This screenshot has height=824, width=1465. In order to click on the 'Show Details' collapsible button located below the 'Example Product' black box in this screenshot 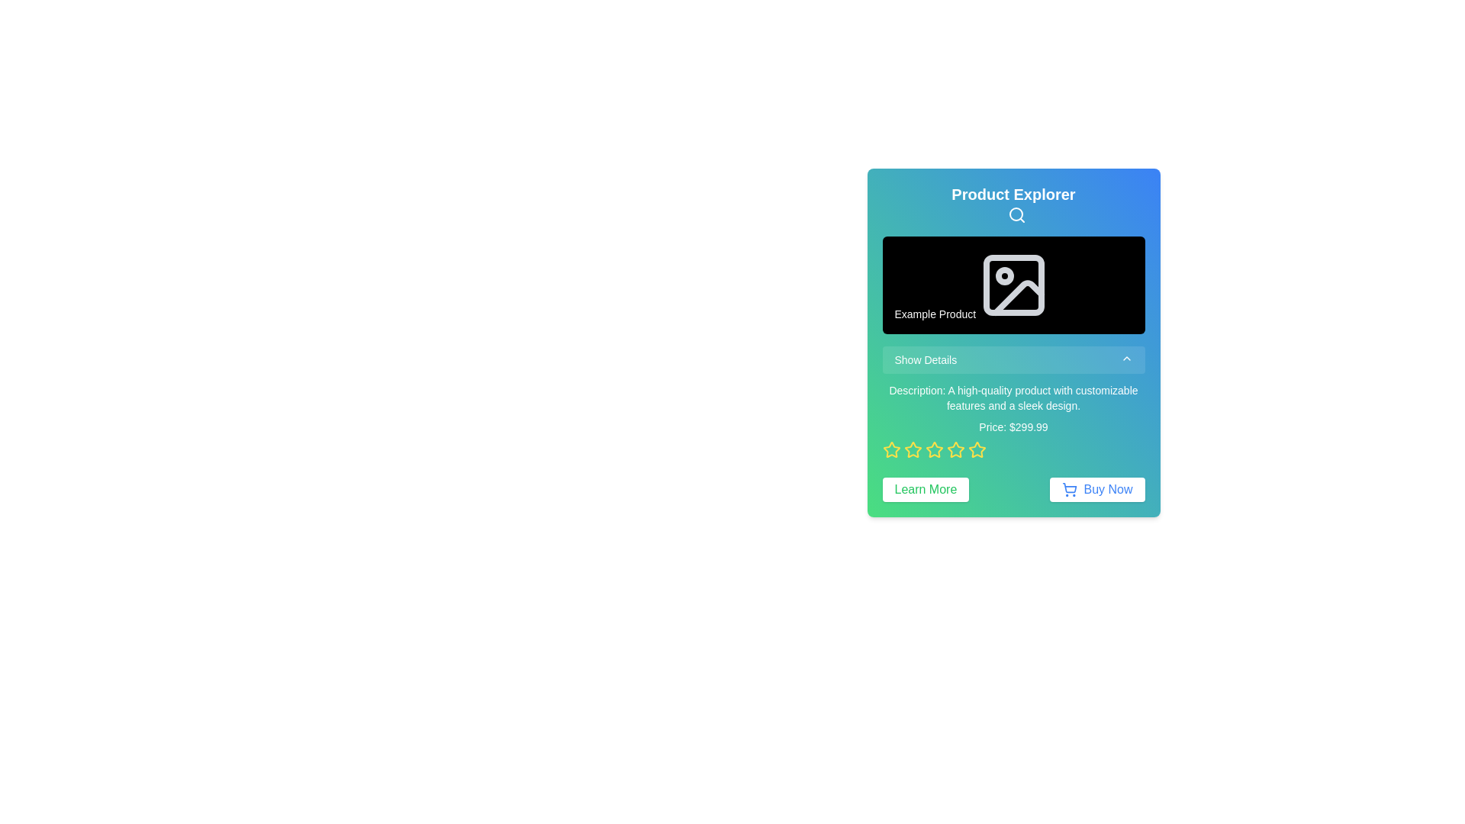, I will do `click(1013, 359)`.